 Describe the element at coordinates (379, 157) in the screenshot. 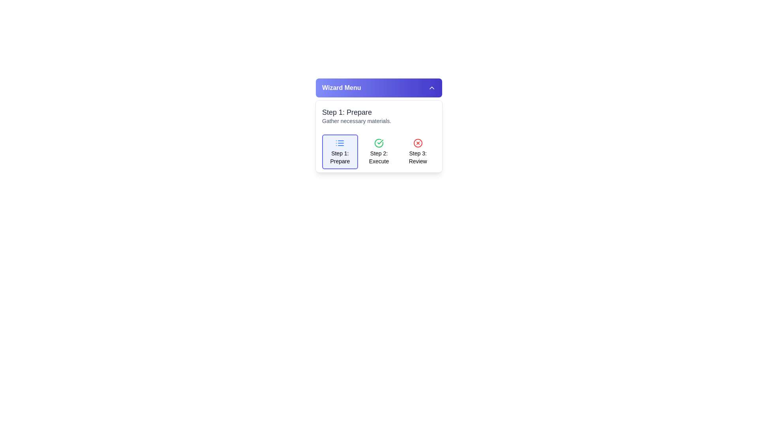

I see `text from the Label element that displays 'Step 2: Execute', which is styled in a clean sans-serif font and positioned within the Wizard Menu, below a green circular icon` at that location.